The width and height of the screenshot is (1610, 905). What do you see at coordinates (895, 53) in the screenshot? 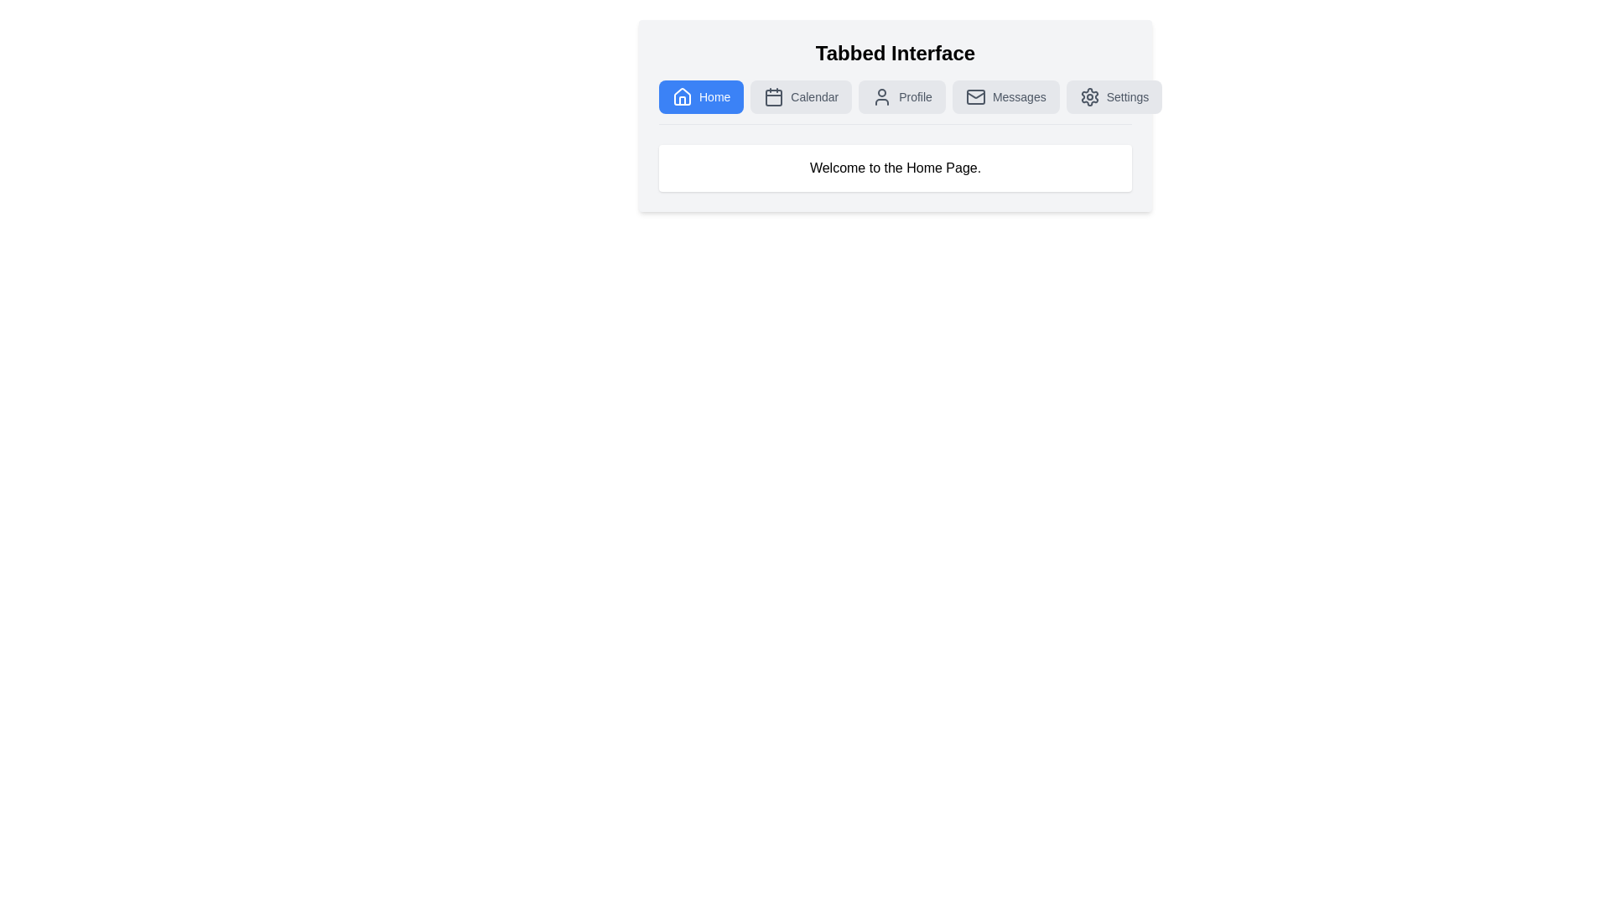
I see `the bold, centered text heading reading 'Tabbed Interface' which is styled in a large font size and positioned above the navigational tabs` at bounding box center [895, 53].